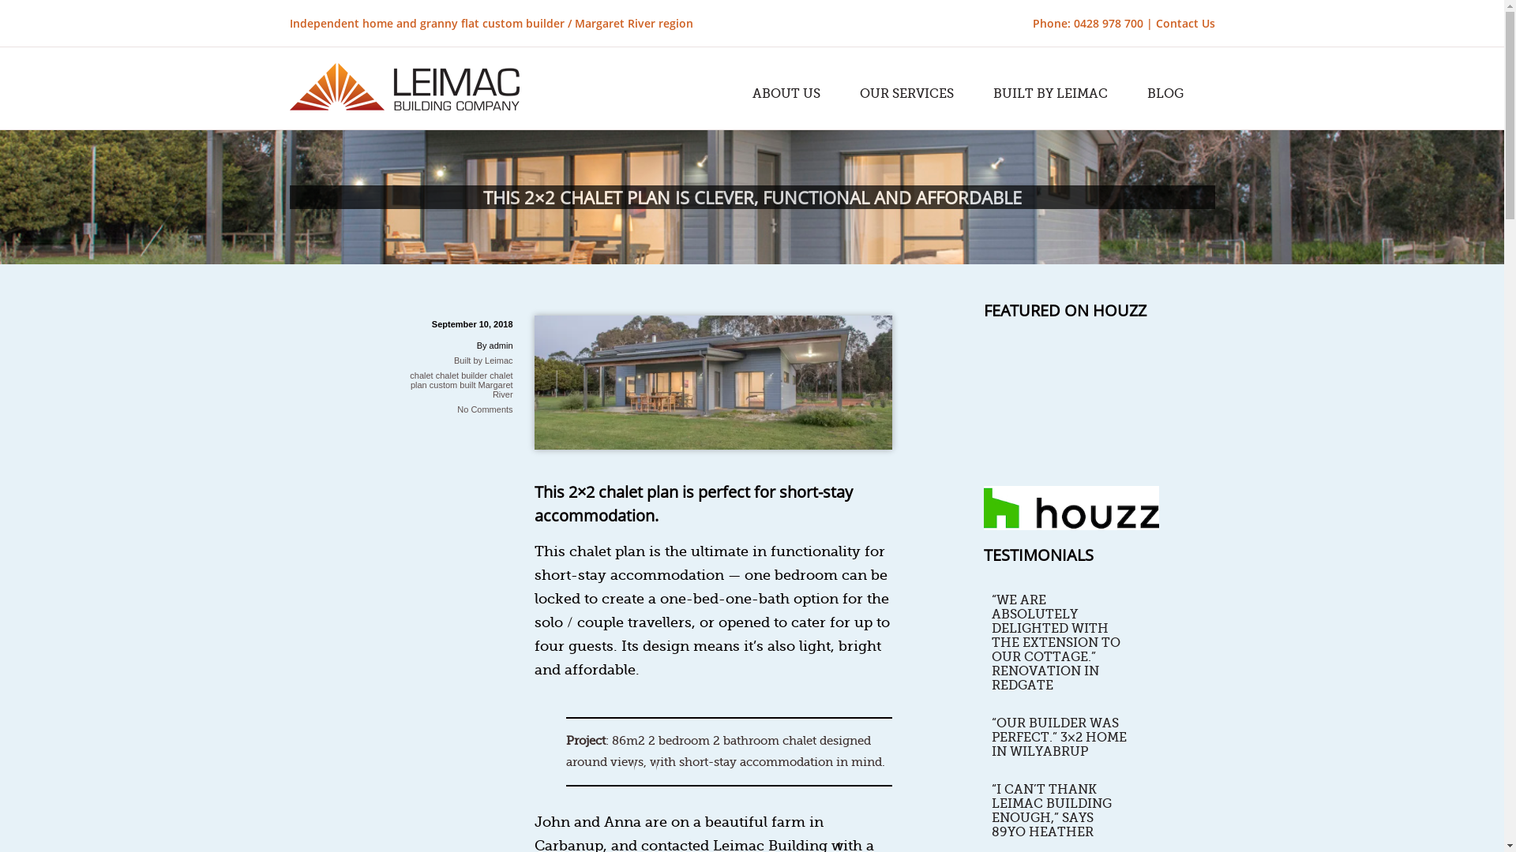 The height and width of the screenshot is (852, 1516). What do you see at coordinates (742, 94) in the screenshot?
I see `'ABOUT US'` at bounding box center [742, 94].